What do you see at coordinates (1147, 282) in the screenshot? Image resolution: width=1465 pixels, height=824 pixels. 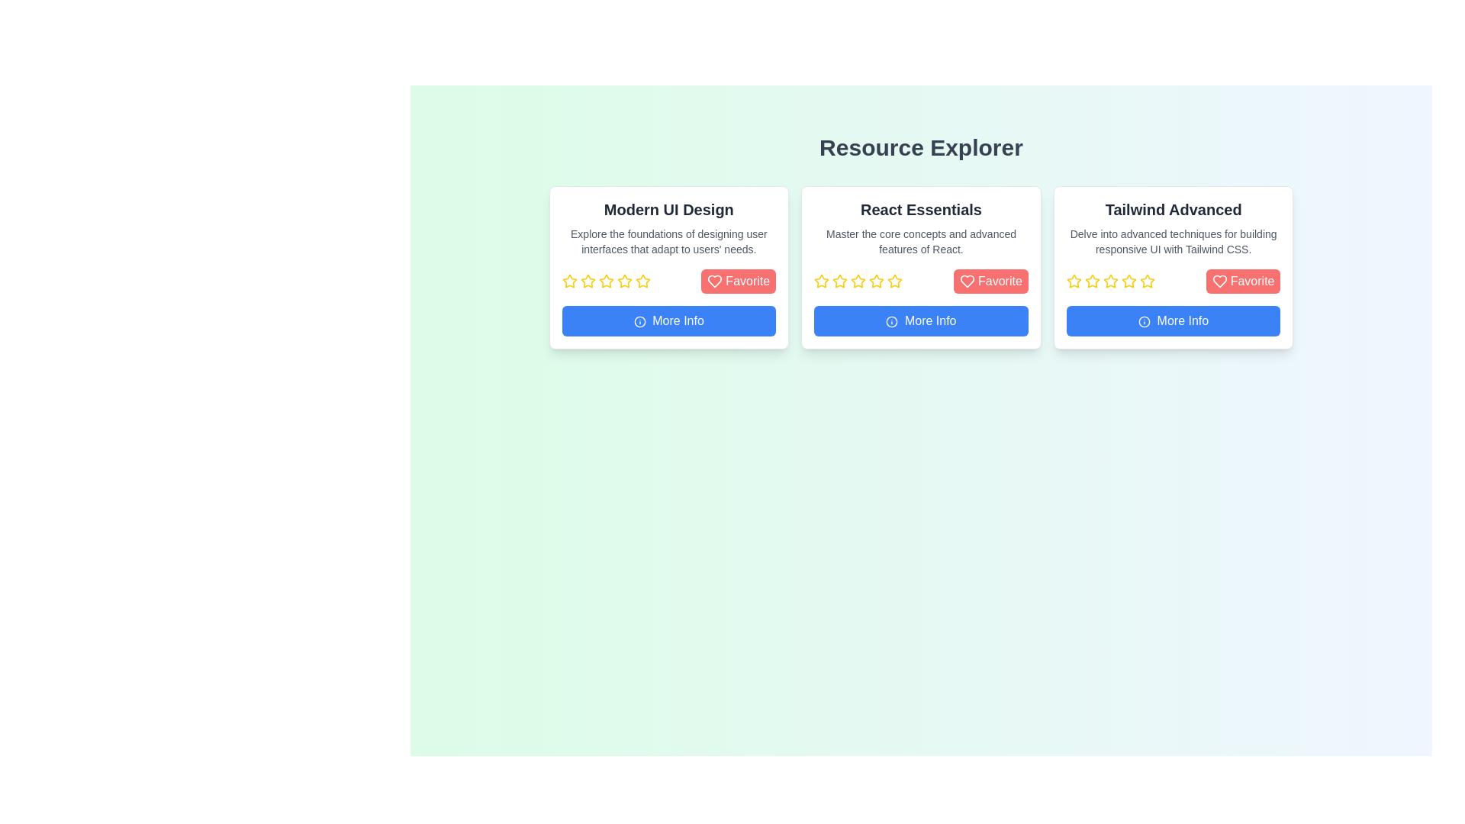 I see `the yellow star icon, which is the last (5th) star in the rating system of the 'Tailwind Advanced' section, to provide a rating` at bounding box center [1147, 282].